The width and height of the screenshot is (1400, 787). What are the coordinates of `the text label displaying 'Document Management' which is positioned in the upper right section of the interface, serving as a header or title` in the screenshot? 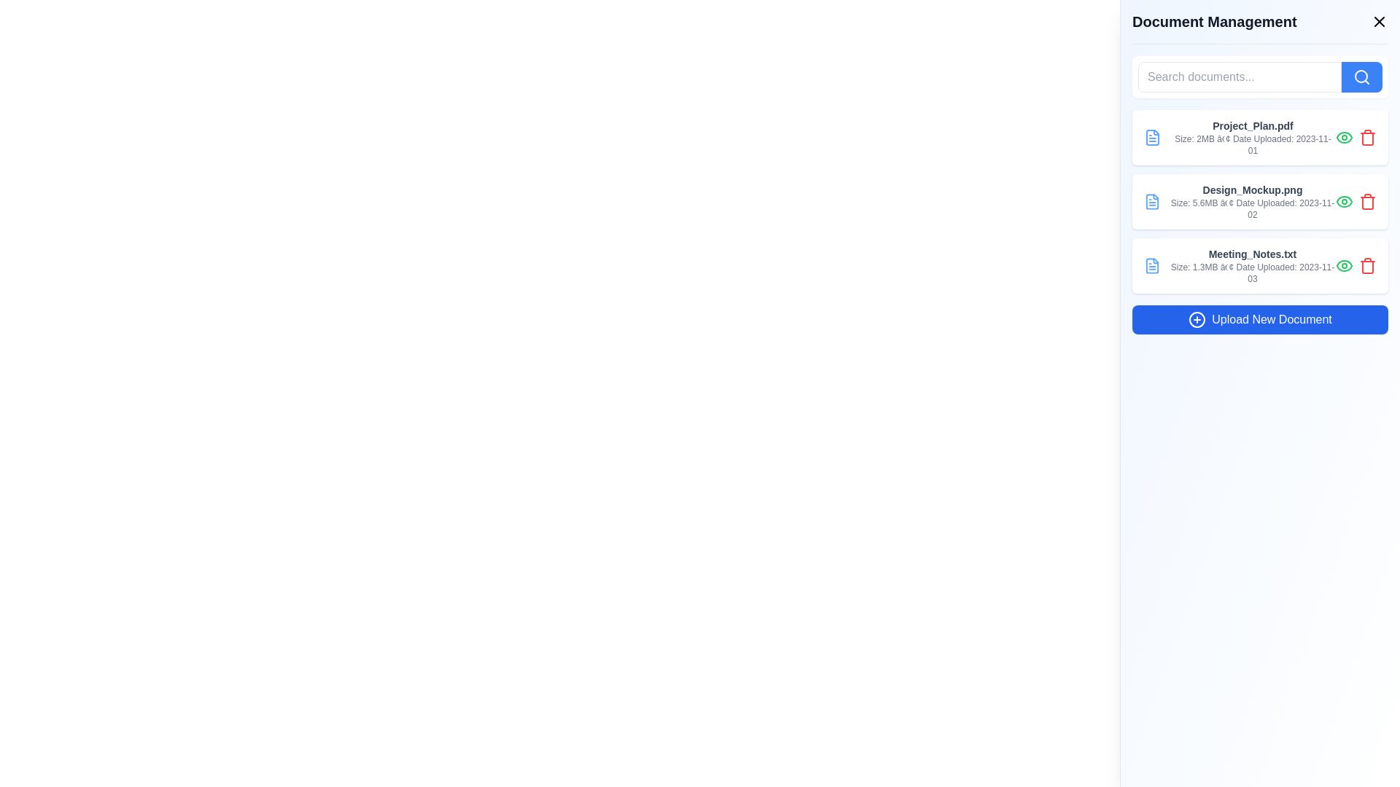 It's located at (1214, 22).